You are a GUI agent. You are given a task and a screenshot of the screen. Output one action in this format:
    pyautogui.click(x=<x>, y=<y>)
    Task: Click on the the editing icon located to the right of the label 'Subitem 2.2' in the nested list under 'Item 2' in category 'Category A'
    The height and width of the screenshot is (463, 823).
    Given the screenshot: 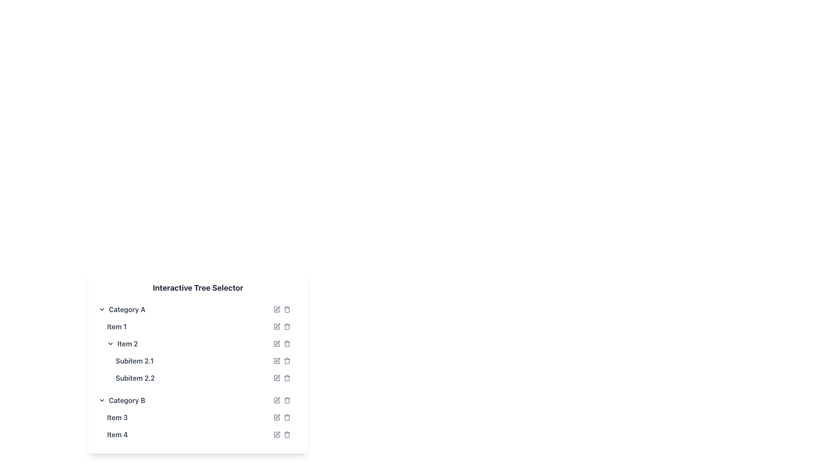 What is the action you would take?
    pyautogui.click(x=277, y=378)
    